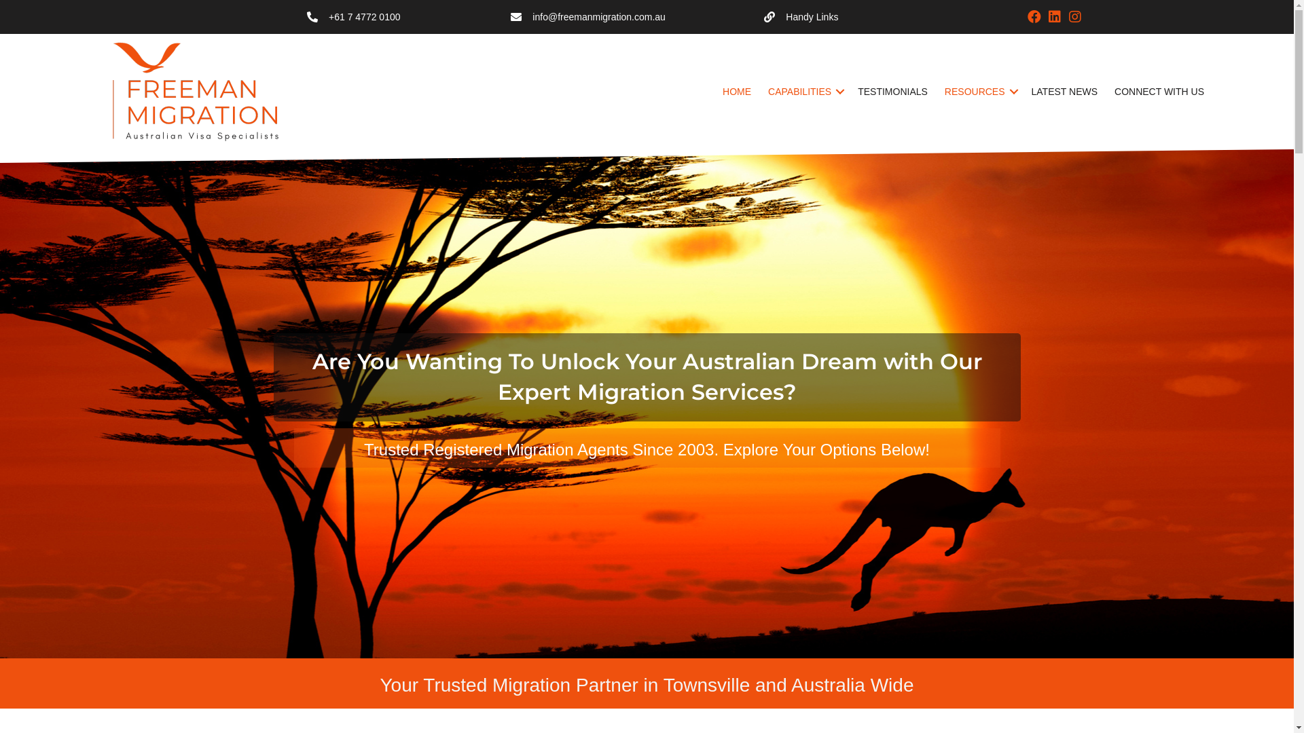 The width and height of the screenshot is (1304, 733). I want to click on 'LinkedIn', so click(1054, 16).